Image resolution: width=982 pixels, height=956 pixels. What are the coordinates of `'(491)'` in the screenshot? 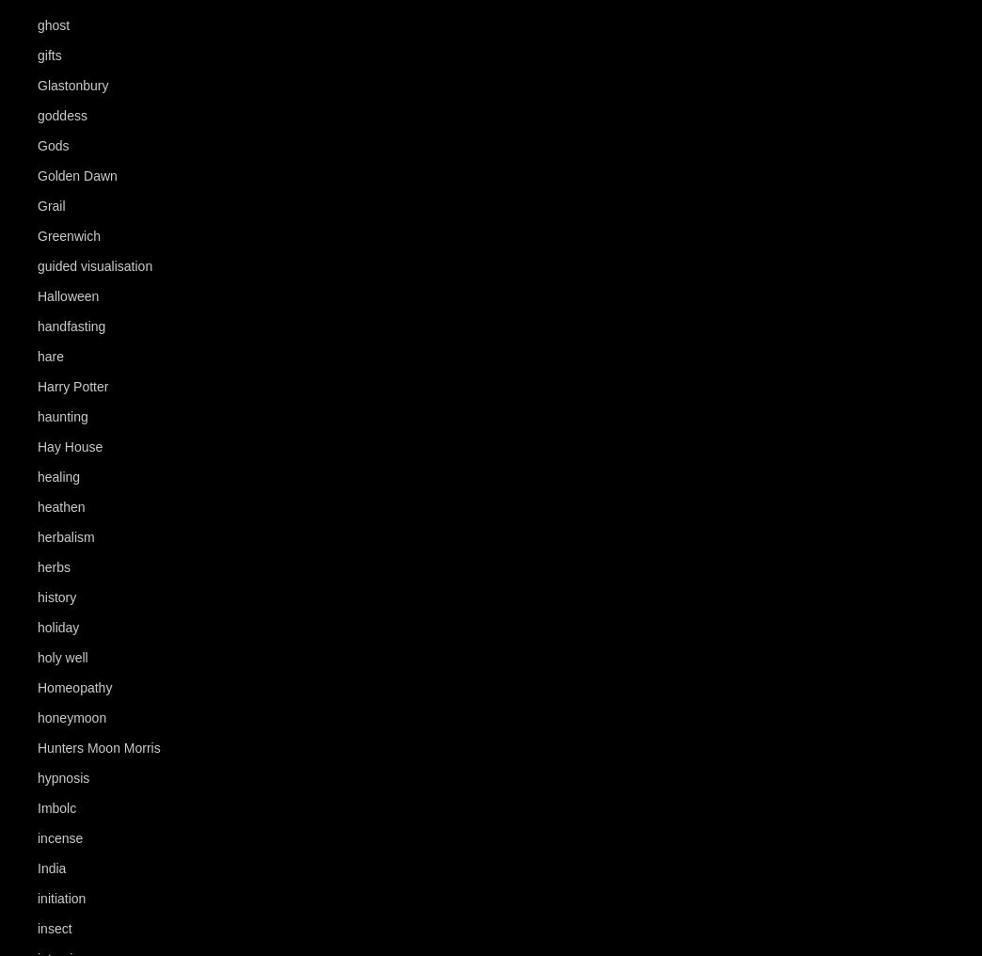 It's located at (94, 597).